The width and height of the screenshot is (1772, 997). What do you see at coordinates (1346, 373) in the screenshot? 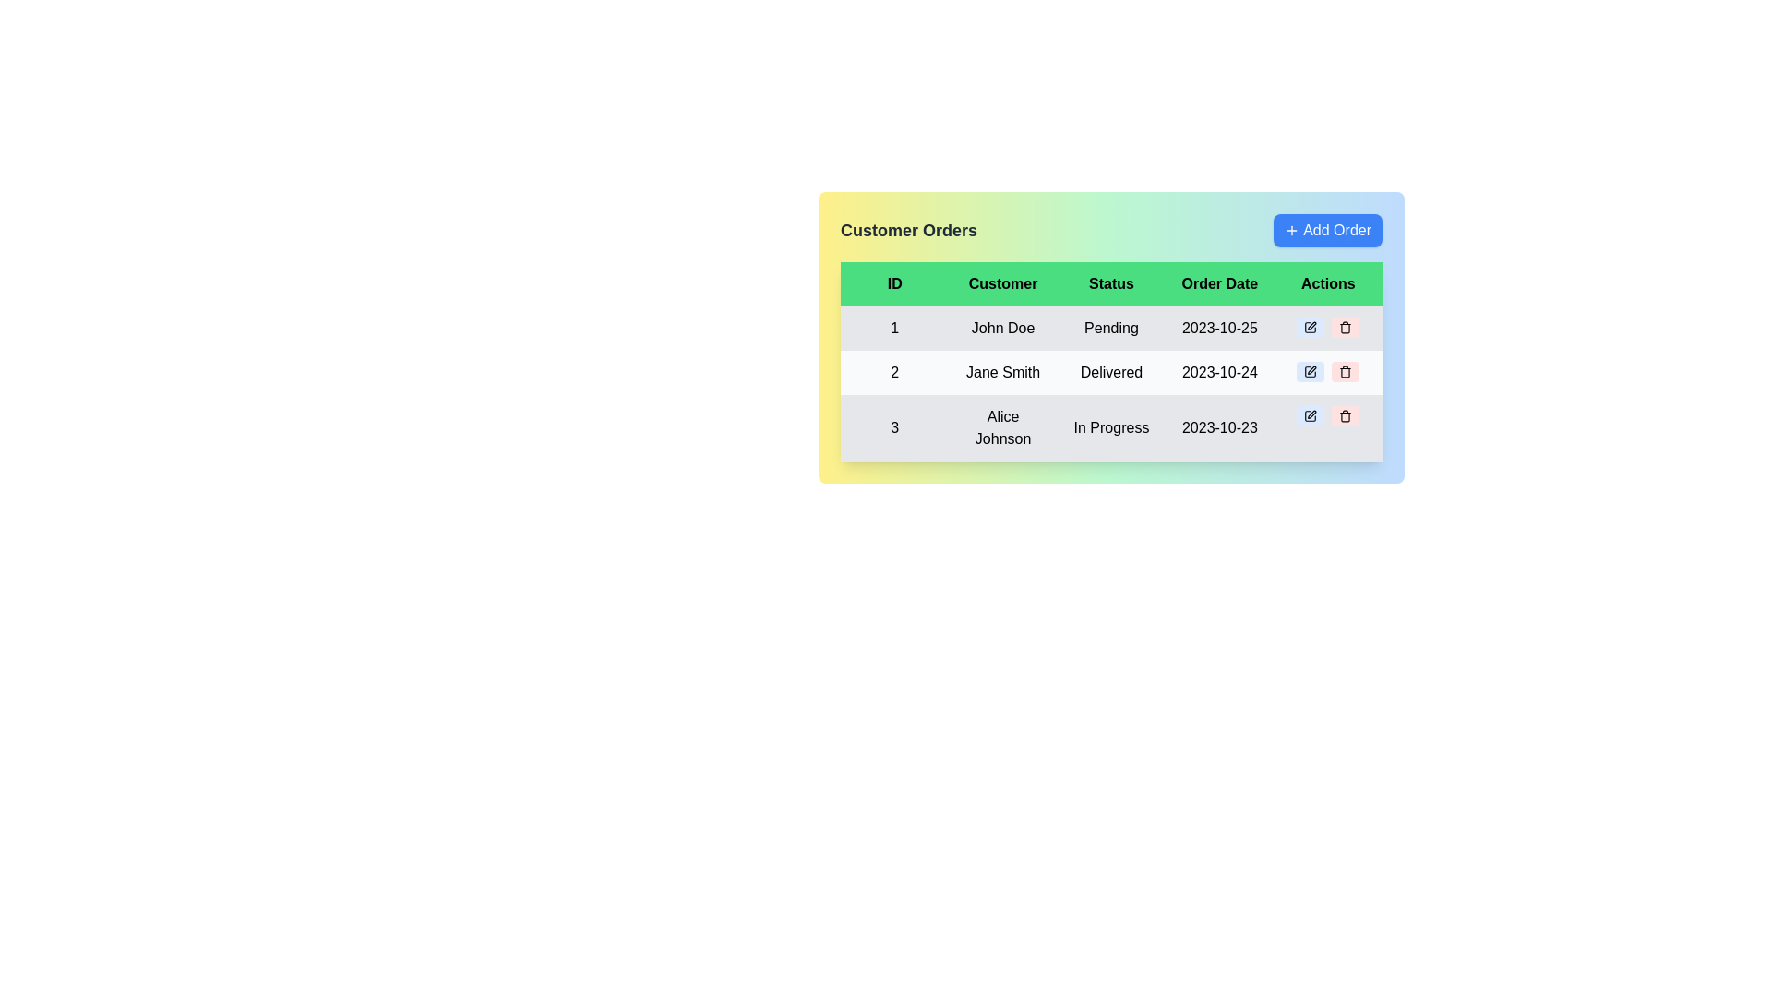
I see `the lower body component of the trash bin icon` at bounding box center [1346, 373].